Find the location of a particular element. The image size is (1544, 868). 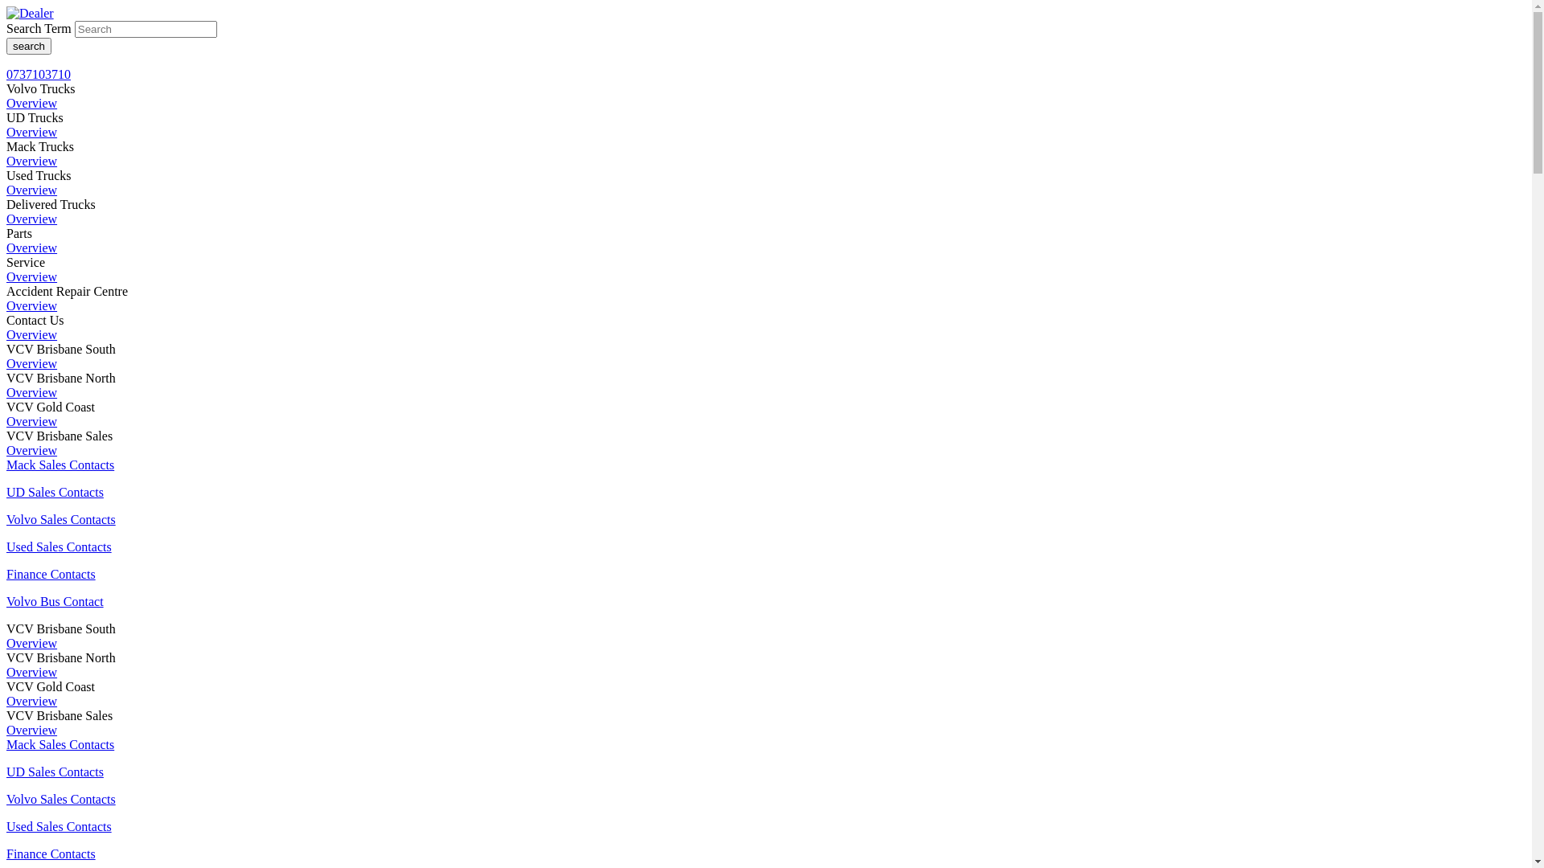

'Contact Us' is located at coordinates (6, 320).